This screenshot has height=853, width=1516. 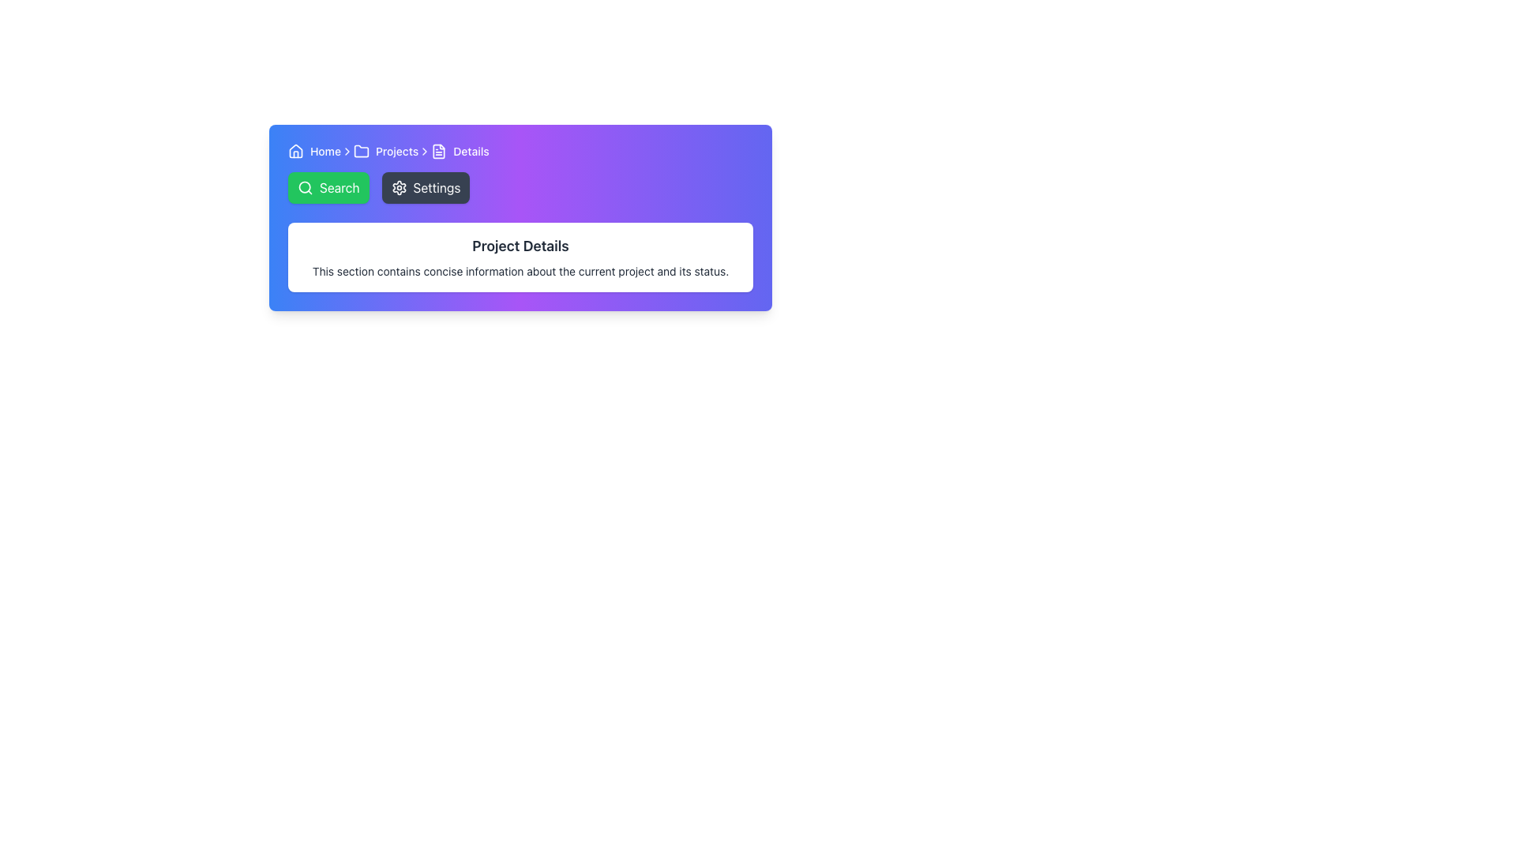 What do you see at coordinates (439, 152) in the screenshot?
I see `the file icon in the breadcrumb navigation bar, which is the second item between the 'Projects' folder icon and the 'Details' text label` at bounding box center [439, 152].